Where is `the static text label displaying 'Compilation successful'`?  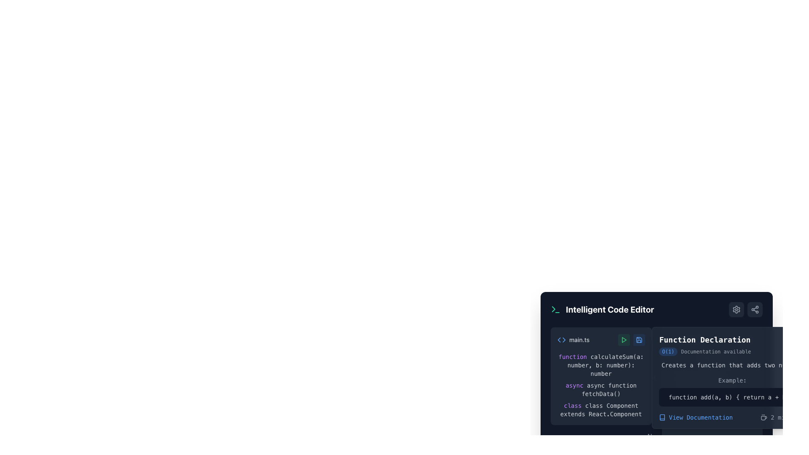 the static text label displaying 'Compilation successful' is located at coordinates (712, 360).